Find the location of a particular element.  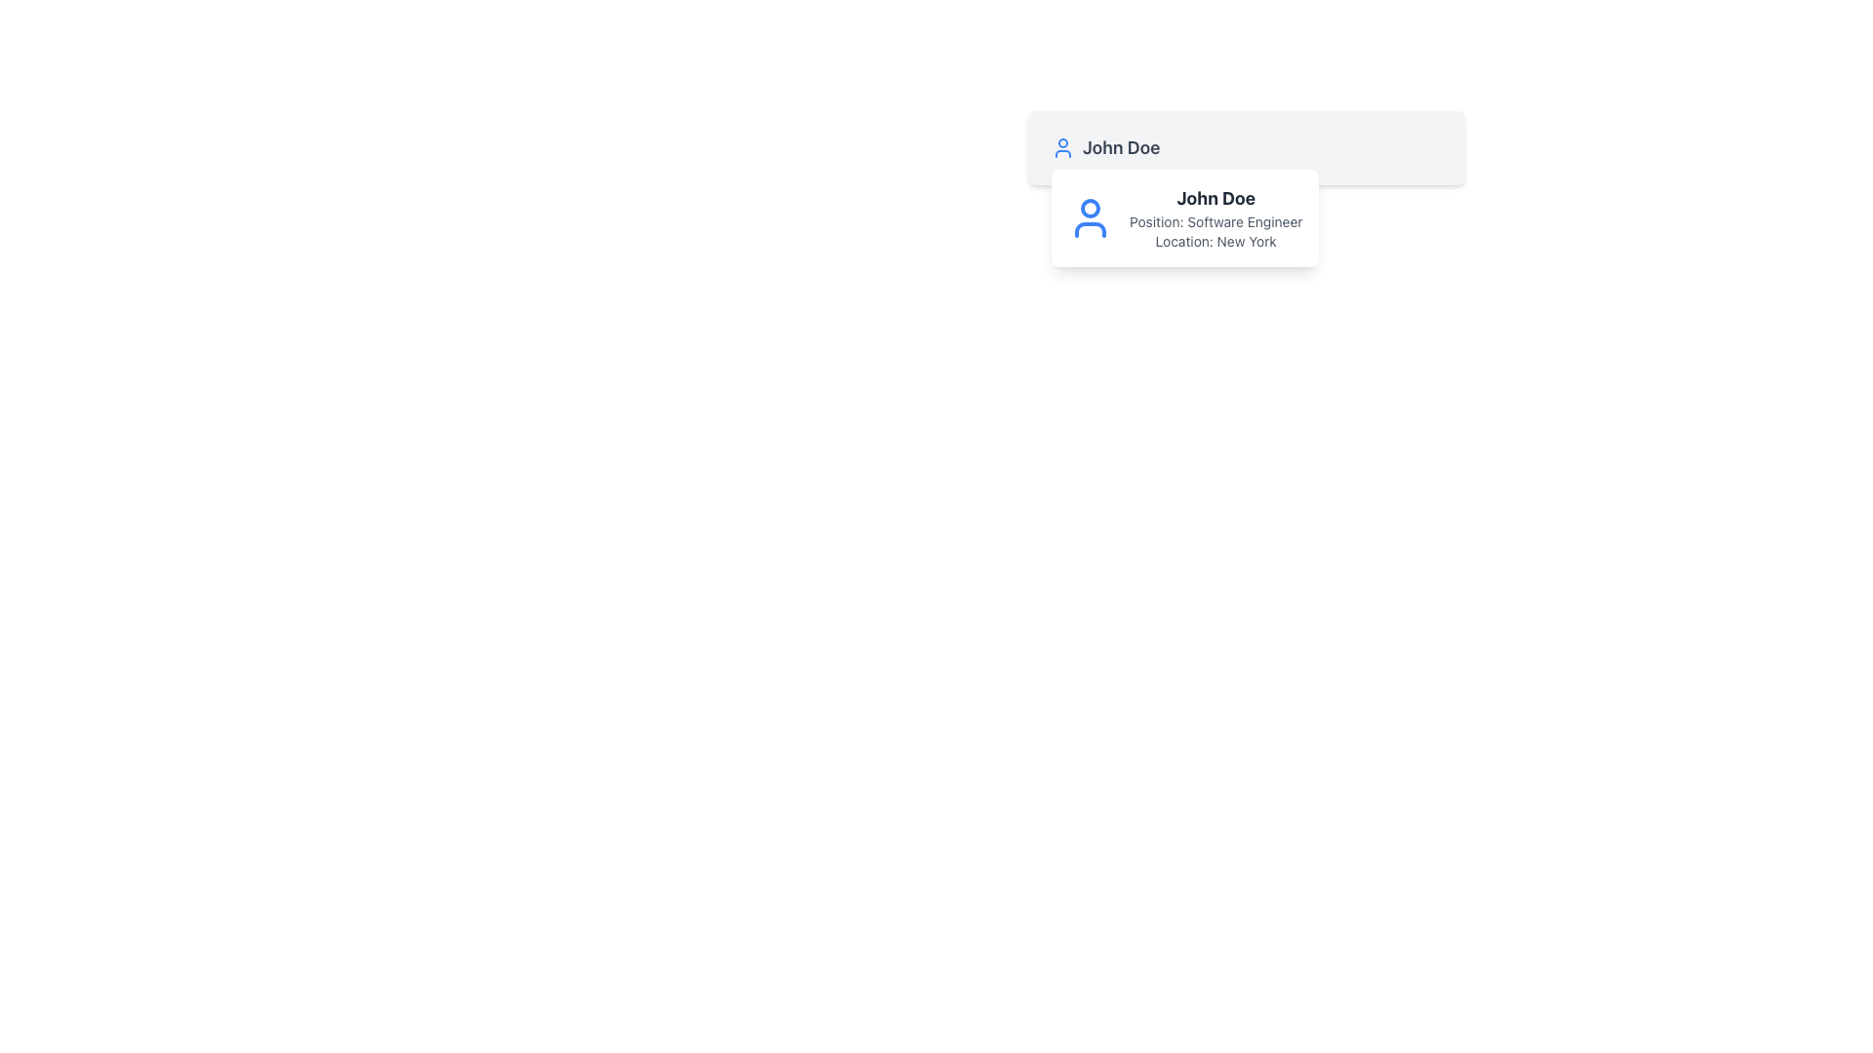

the Label that provides location information associated with the profile, positioned below 'Position: Software Engineer' is located at coordinates (1215, 240).